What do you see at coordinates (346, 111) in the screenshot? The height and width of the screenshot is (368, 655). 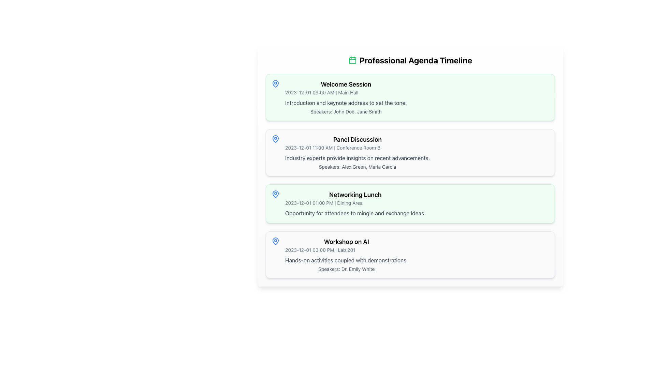 I see `the Text Label that lists the speakers for the session at the bottom of the 'Welcome Session' card` at bounding box center [346, 111].